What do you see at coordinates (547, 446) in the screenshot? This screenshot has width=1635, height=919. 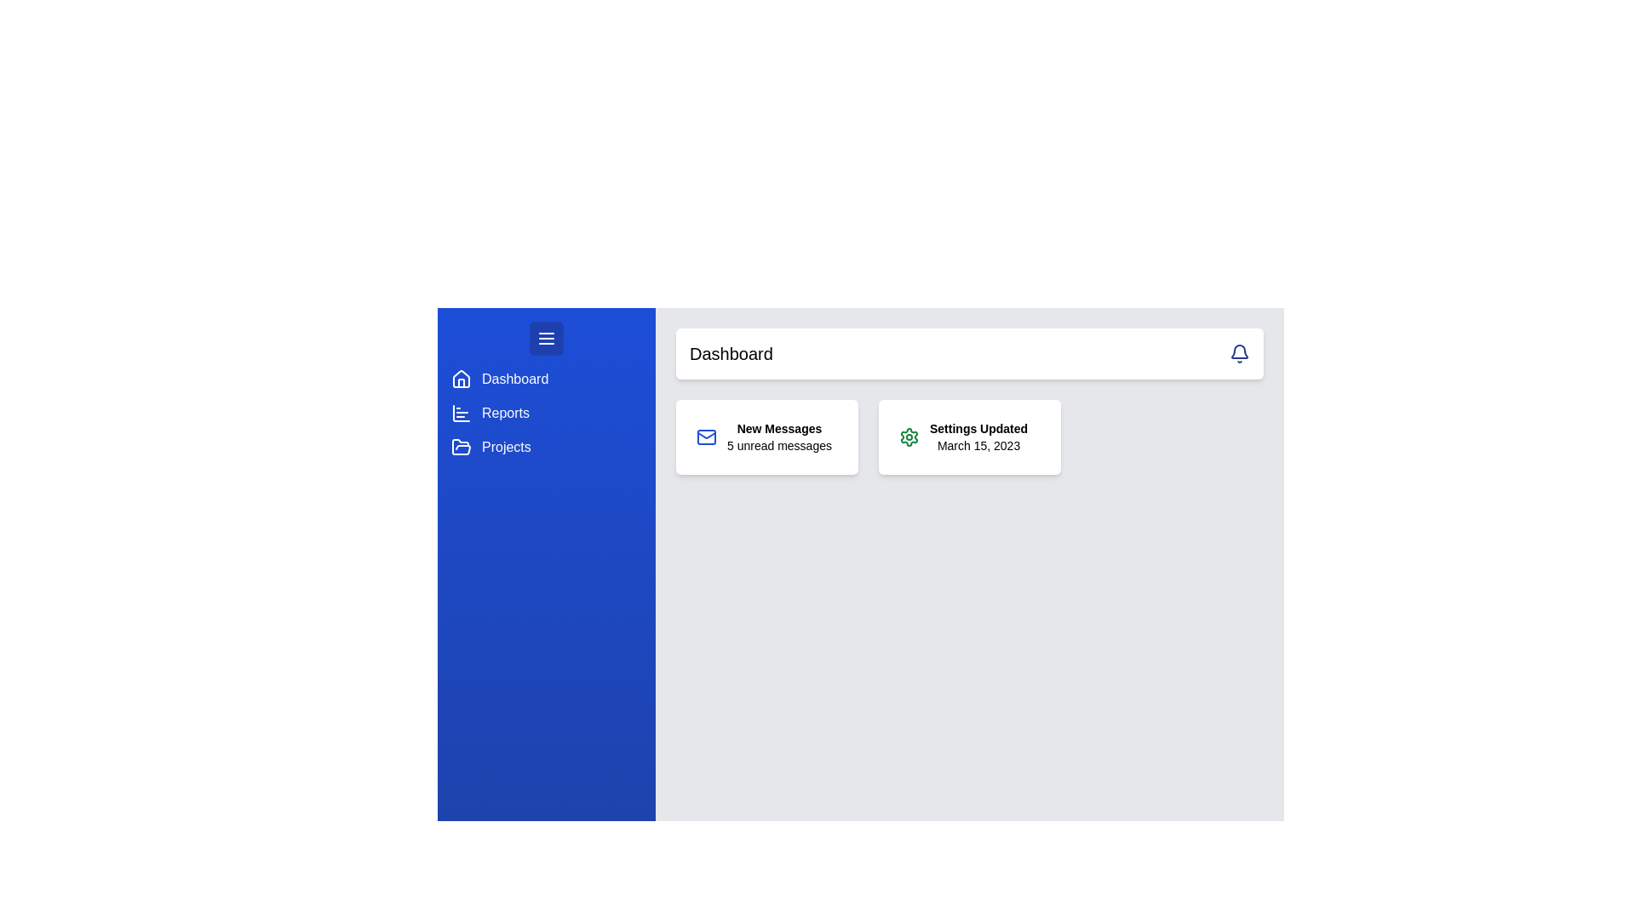 I see `the 'Projects' menu item using keyboard navigation` at bounding box center [547, 446].